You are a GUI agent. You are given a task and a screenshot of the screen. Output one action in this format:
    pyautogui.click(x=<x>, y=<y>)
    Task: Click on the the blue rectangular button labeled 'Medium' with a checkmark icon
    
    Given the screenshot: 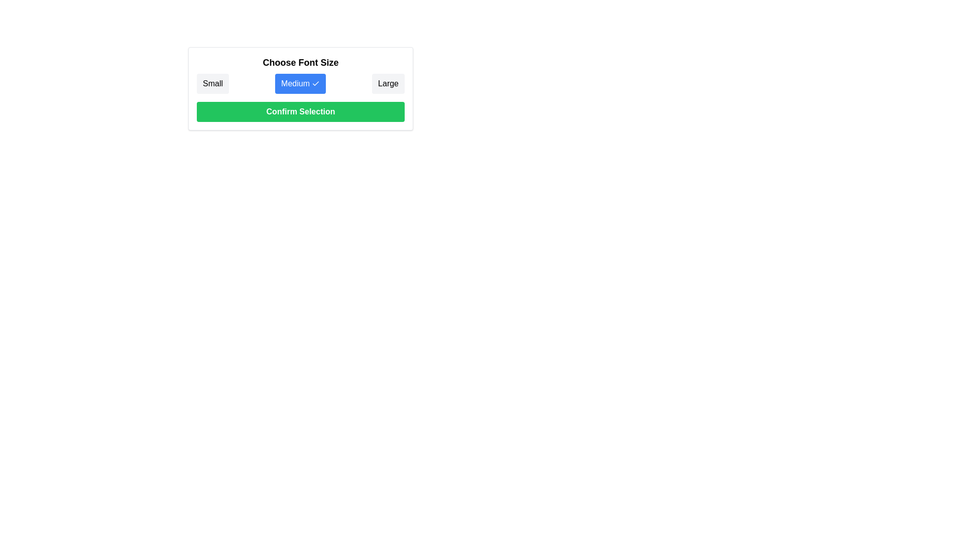 What is the action you would take?
    pyautogui.click(x=300, y=88)
    